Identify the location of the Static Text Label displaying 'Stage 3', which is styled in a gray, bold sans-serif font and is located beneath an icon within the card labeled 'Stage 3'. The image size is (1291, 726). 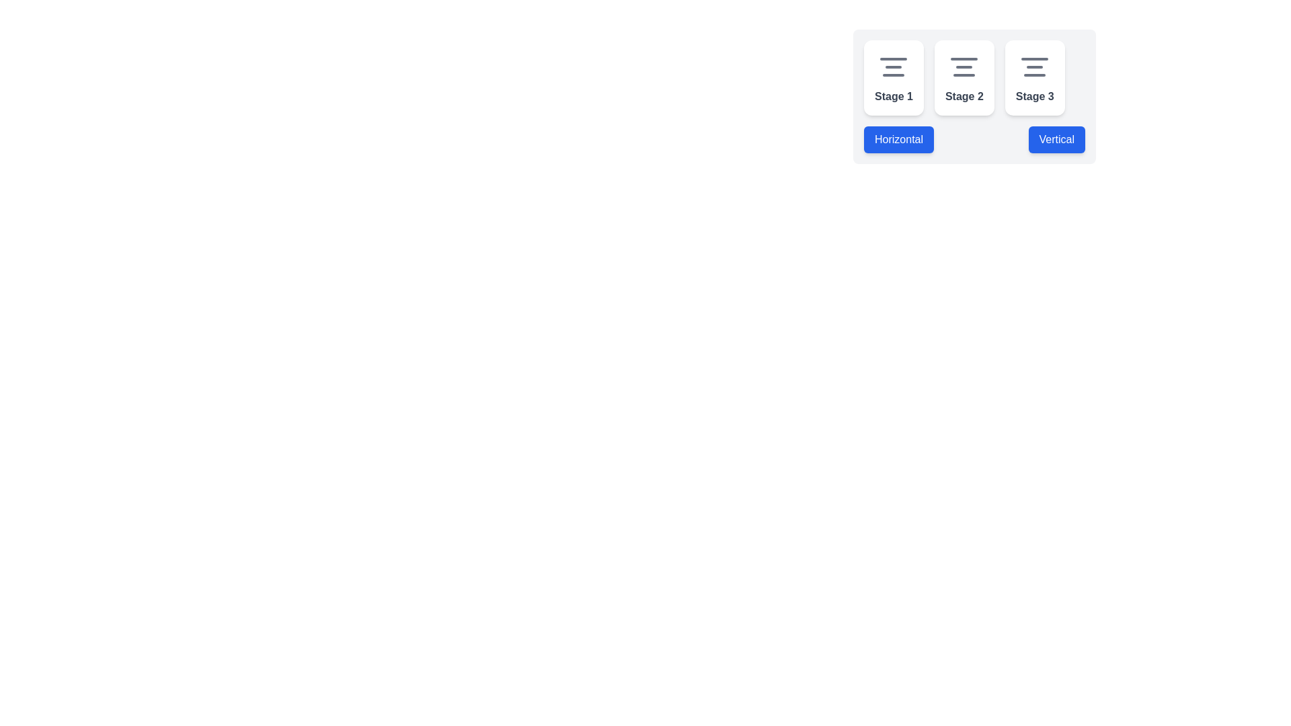
(1034, 95).